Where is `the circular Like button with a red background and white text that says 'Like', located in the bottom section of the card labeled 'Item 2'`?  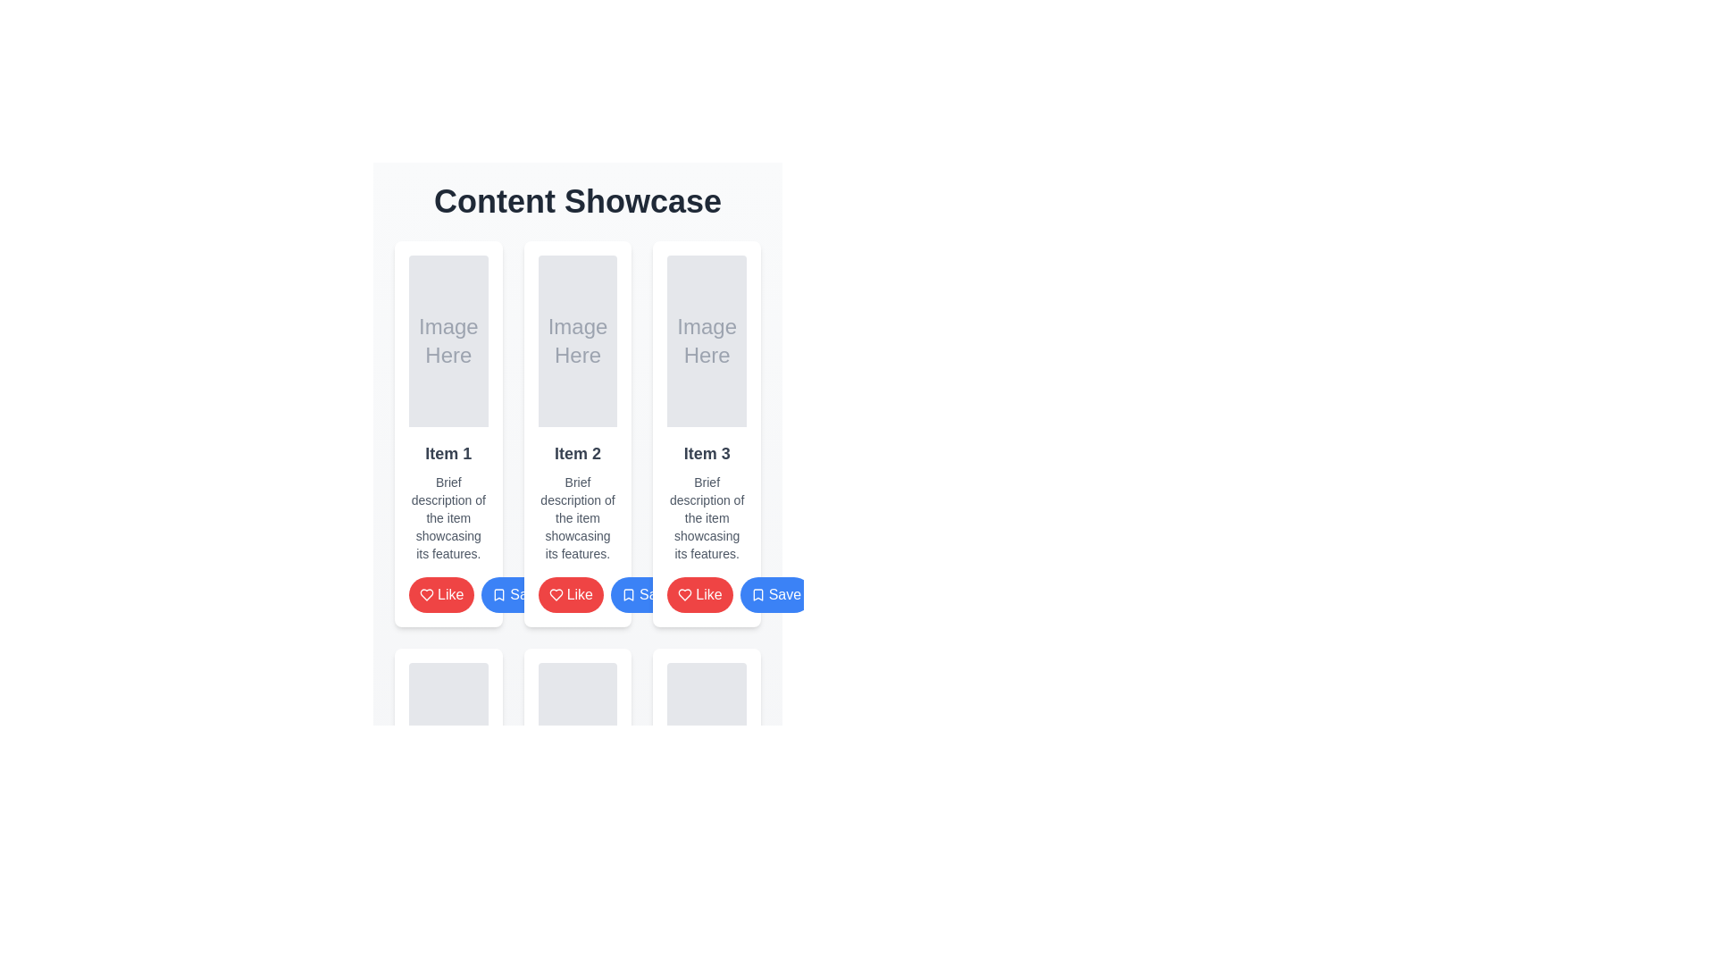 the circular Like button with a red background and white text that says 'Like', located in the bottom section of the card labeled 'Item 2' is located at coordinates (570, 595).